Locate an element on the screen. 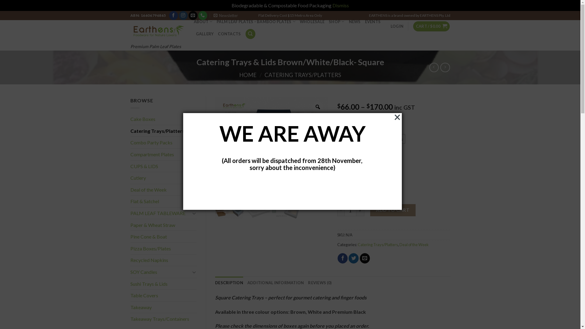 This screenshot has width=585, height=329. 'ADD TO CART' is located at coordinates (393, 210).